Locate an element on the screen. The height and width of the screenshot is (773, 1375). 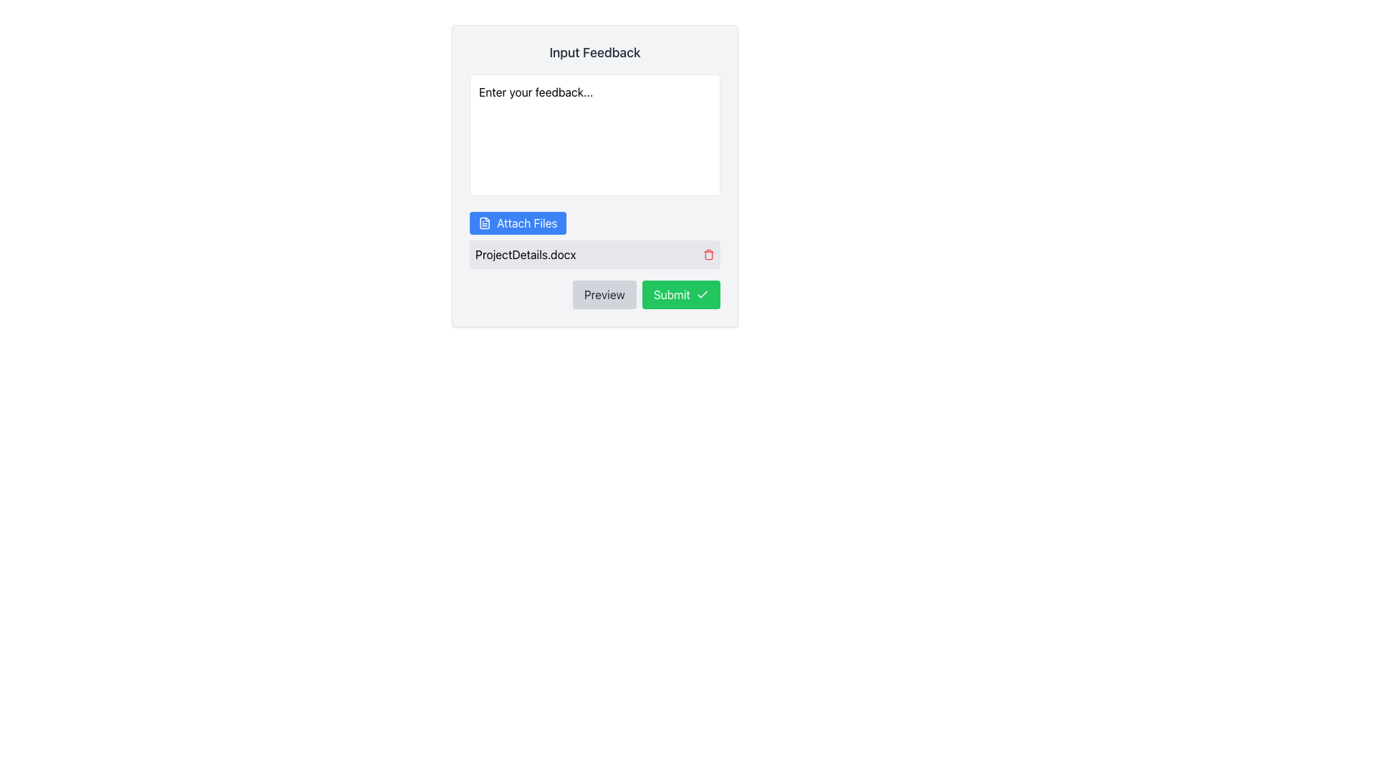
the checkmark icon located to the right of the 'Submit' button within the green rectangular button at the bottom right of the feedback input form is located at coordinates (702, 294).